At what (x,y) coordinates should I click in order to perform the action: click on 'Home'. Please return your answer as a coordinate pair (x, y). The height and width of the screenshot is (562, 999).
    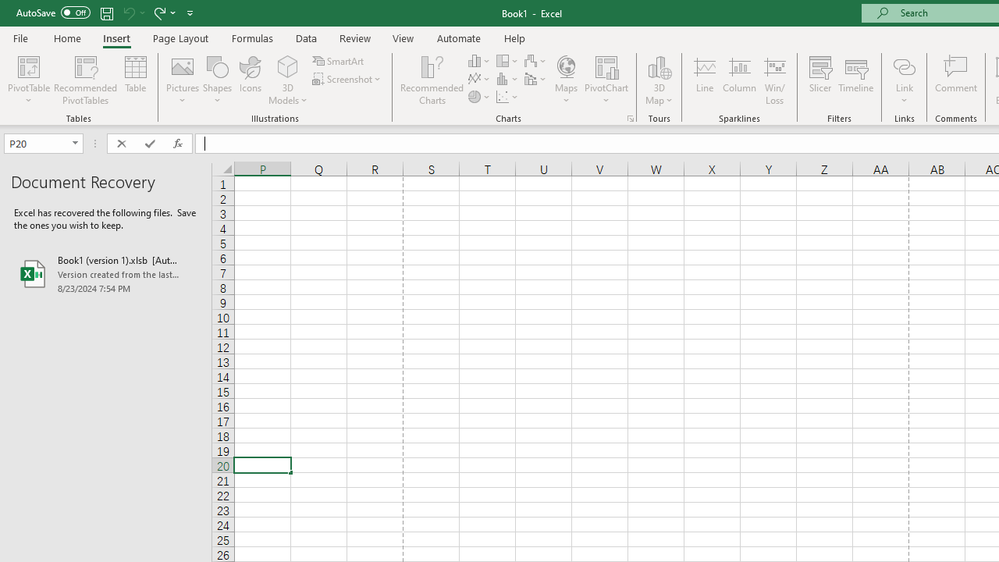
    Looking at the image, I should click on (66, 37).